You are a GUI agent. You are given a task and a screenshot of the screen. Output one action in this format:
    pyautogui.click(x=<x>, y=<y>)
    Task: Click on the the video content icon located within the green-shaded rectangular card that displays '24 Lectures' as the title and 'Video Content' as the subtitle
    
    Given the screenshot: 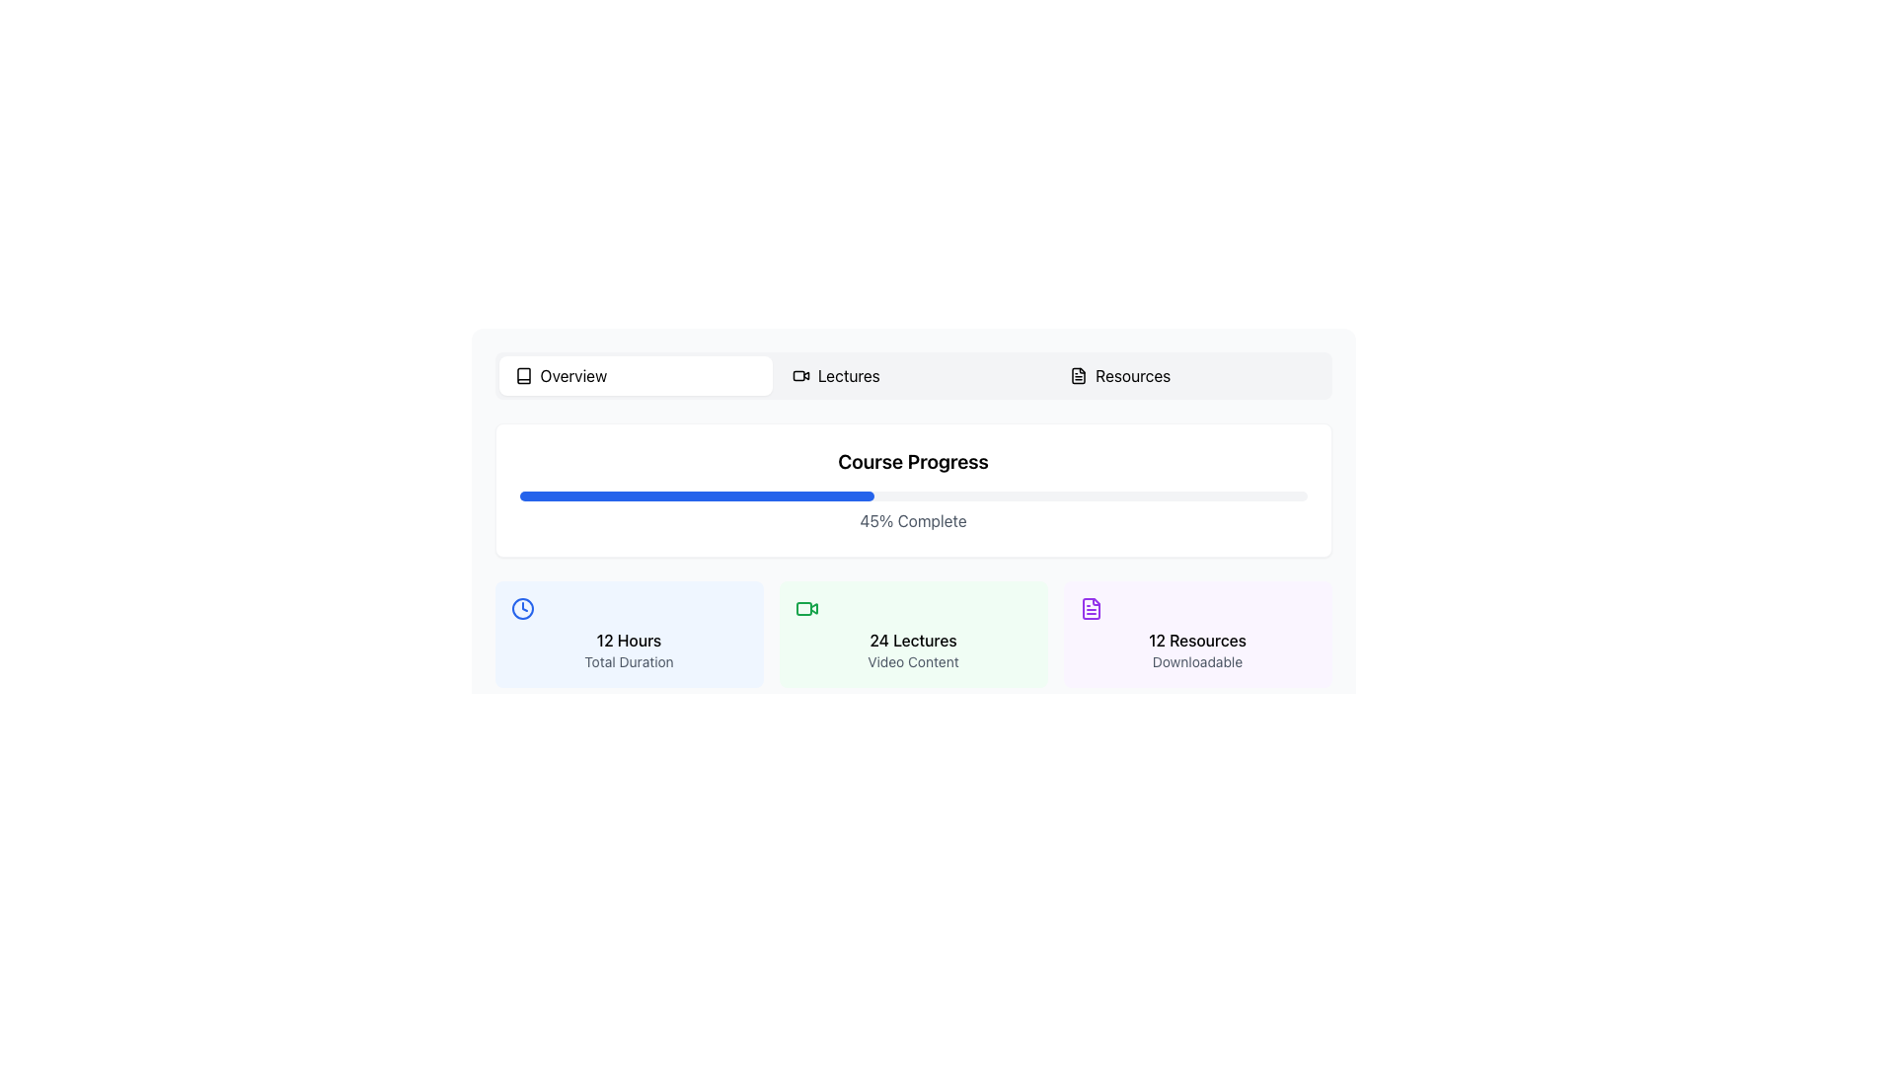 What is the action you would take?
    pyautogui.click(x=806, y=608)
    